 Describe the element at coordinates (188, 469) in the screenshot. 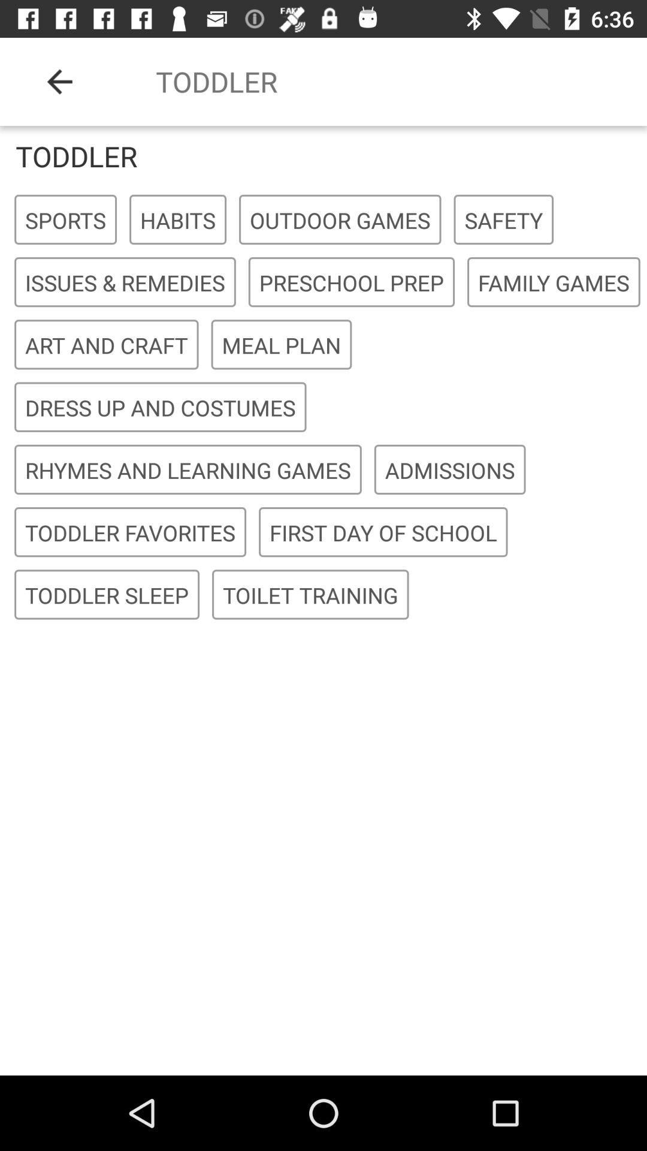

I see `icon to the left of the admissions` at that location.